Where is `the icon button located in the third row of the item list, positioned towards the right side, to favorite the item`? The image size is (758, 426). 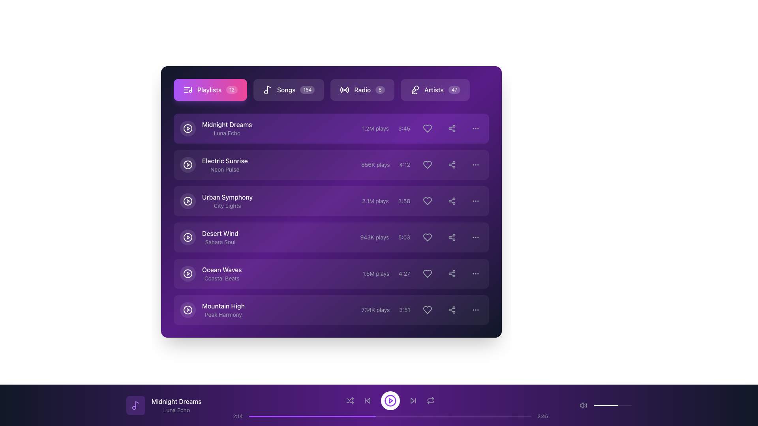 the icon button located in the third row of the item list, positioned towards the right side, to favorite the item is located at coordinates (427, 200).